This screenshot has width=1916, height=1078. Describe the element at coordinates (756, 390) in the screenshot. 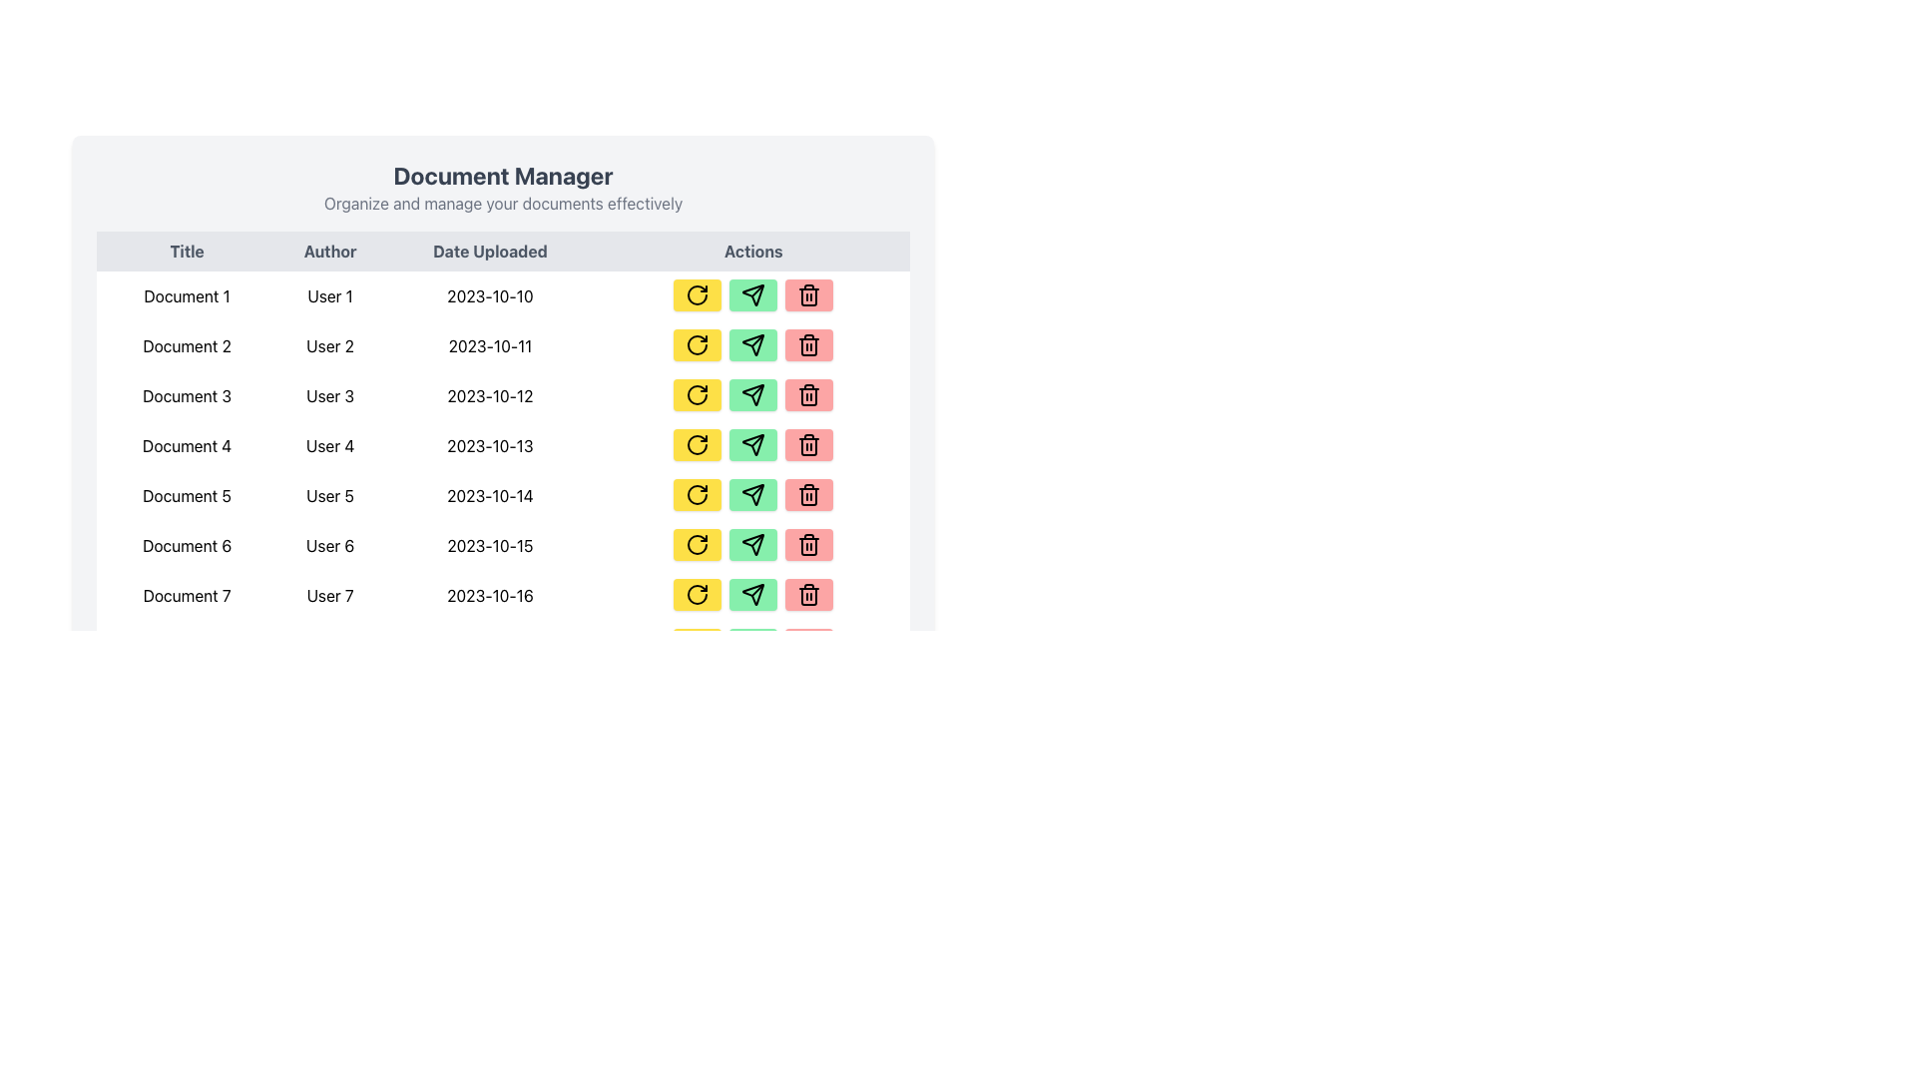

I see `the arrow-like icon associated with sending or forwarding actions in the 'Actions' column for 'Document 3'` at that location.